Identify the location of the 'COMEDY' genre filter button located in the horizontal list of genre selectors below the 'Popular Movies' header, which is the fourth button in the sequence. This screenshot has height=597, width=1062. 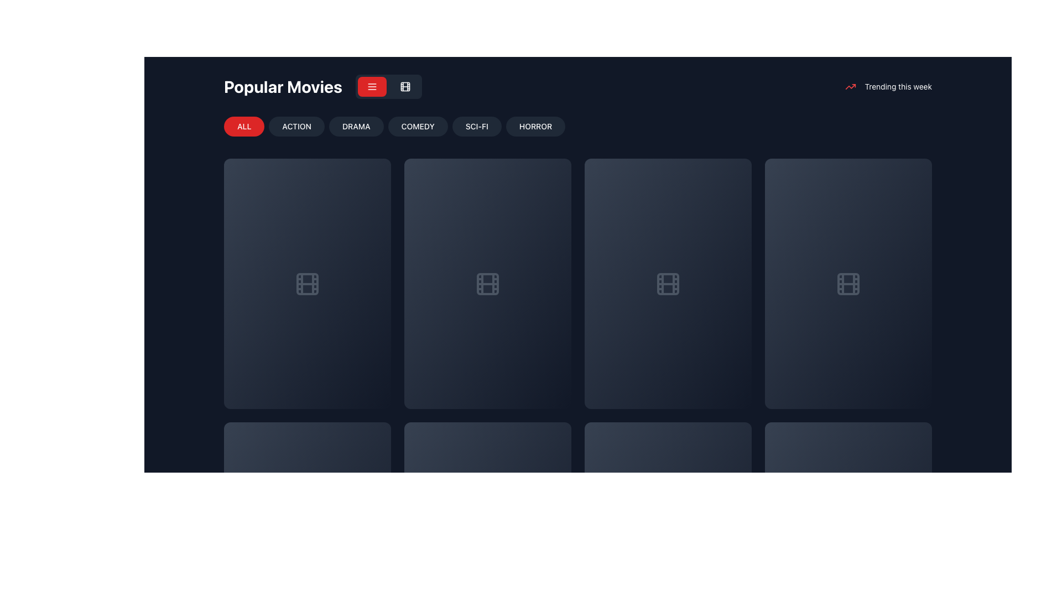
(417, 125).